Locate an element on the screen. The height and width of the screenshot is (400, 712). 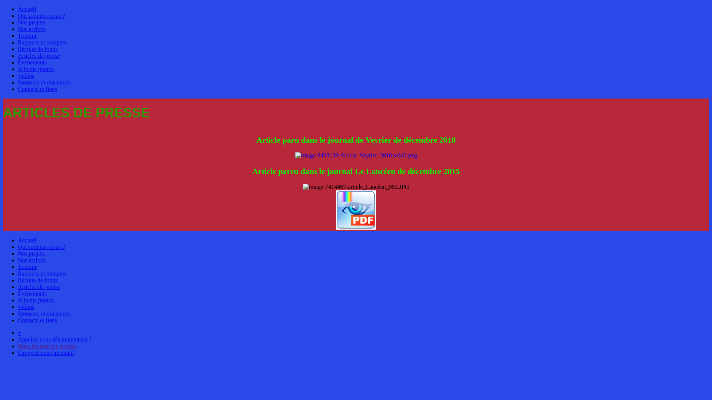
'Sponsors et donateurs' is located at coordinates (43, 313).